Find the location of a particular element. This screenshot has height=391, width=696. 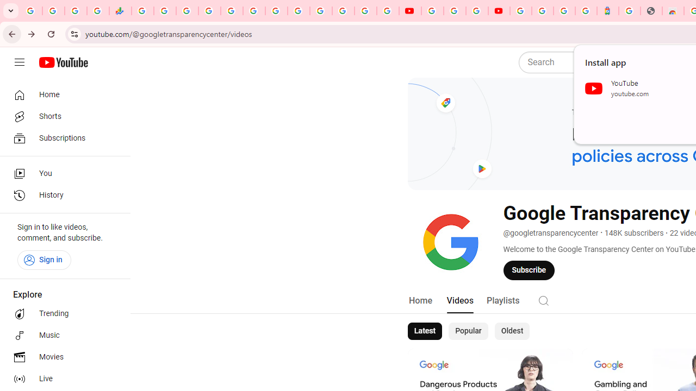

'Shorts' is located at coordinates (61, 116).